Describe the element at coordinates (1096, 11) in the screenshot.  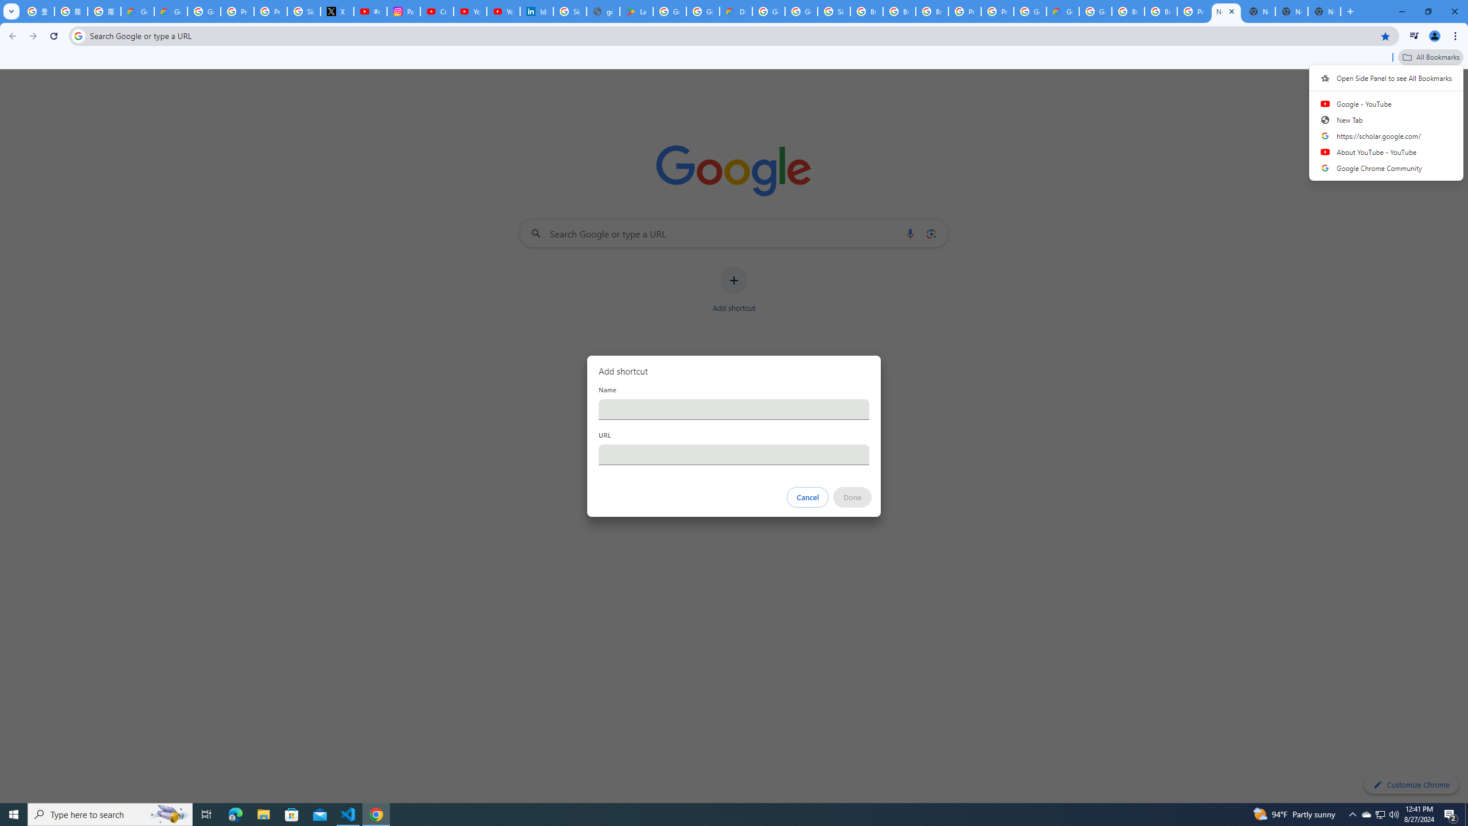
I see `'Google Cloud Platform'` at that location.